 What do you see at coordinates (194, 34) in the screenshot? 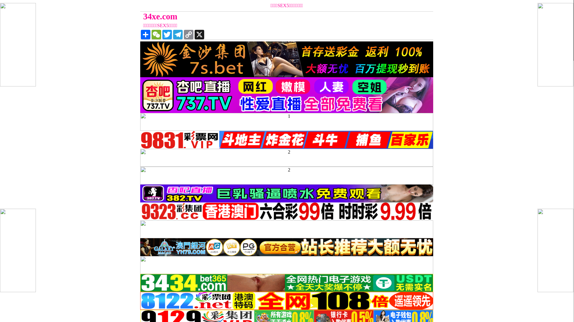
I see `'X'` at bounding box center [194, 34].